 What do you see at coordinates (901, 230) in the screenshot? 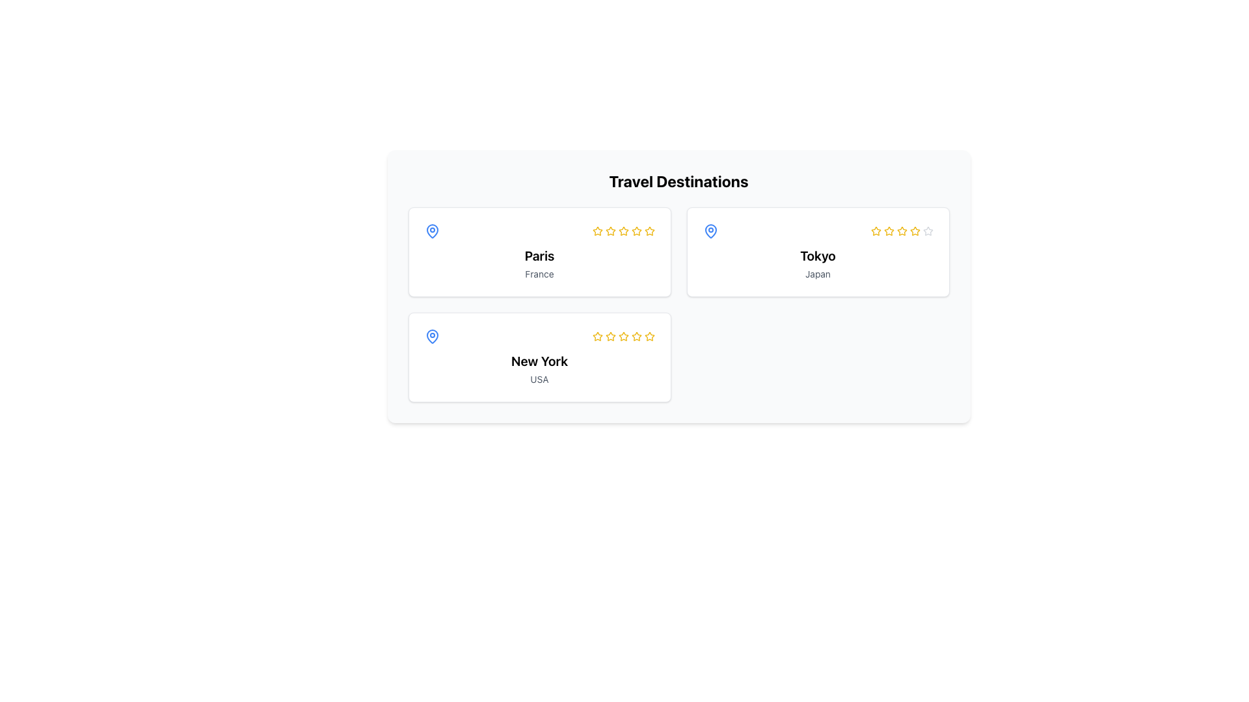
I see `the third star icon in the rating system of the 'Tokyo' travel destination card located in the top-right corner of the layout` at bounding box center [901, 230].